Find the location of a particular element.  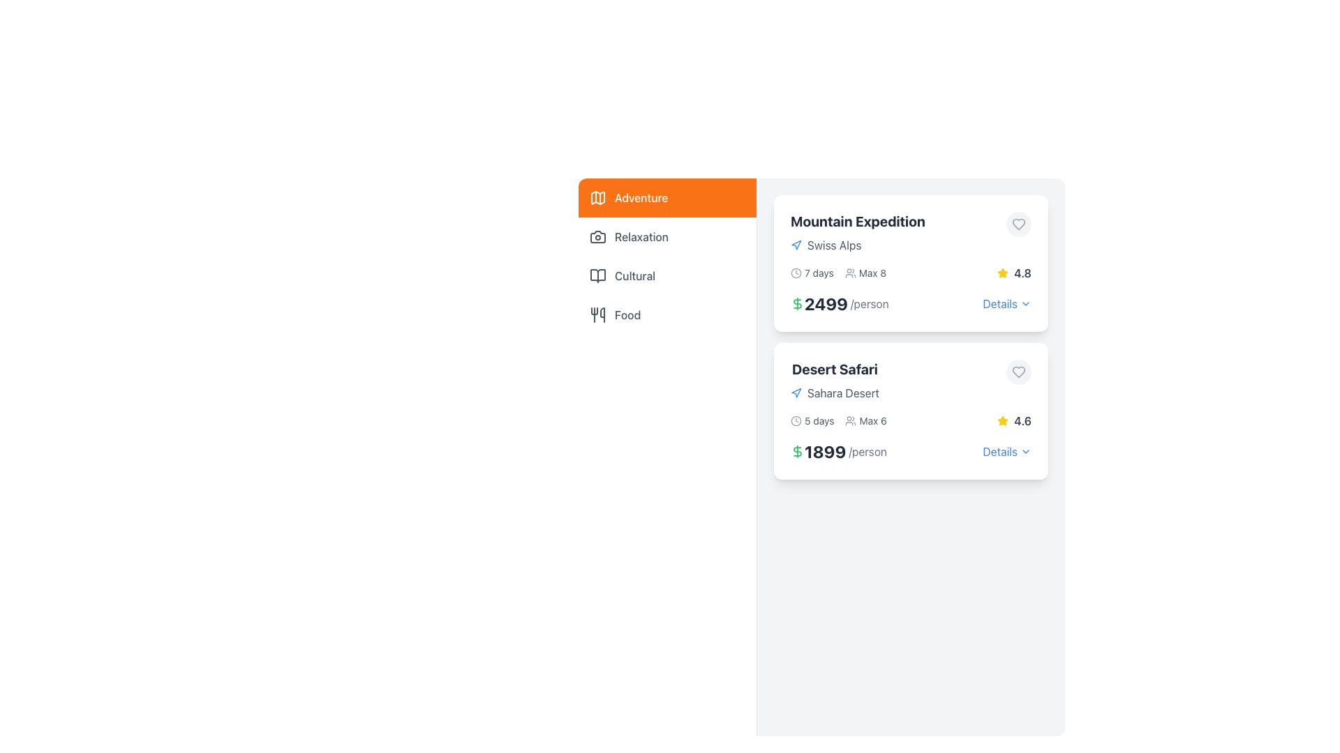

the text label displaying '7 days' in gray font, which is part of the 'Mountain Expedition' travel package card and follows a clock icon is located at coordinates (819, 273).